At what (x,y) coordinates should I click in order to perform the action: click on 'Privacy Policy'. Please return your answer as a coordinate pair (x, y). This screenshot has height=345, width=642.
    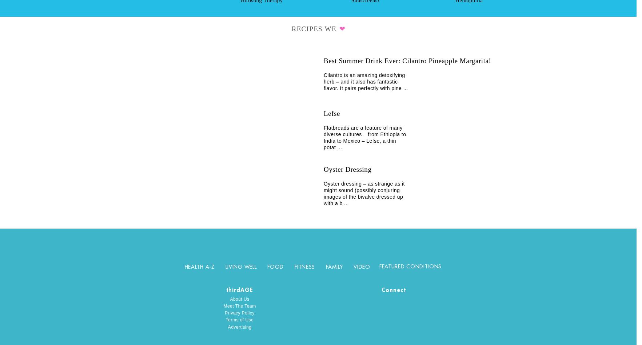
    Looking at the image, I should click on (239, 313).